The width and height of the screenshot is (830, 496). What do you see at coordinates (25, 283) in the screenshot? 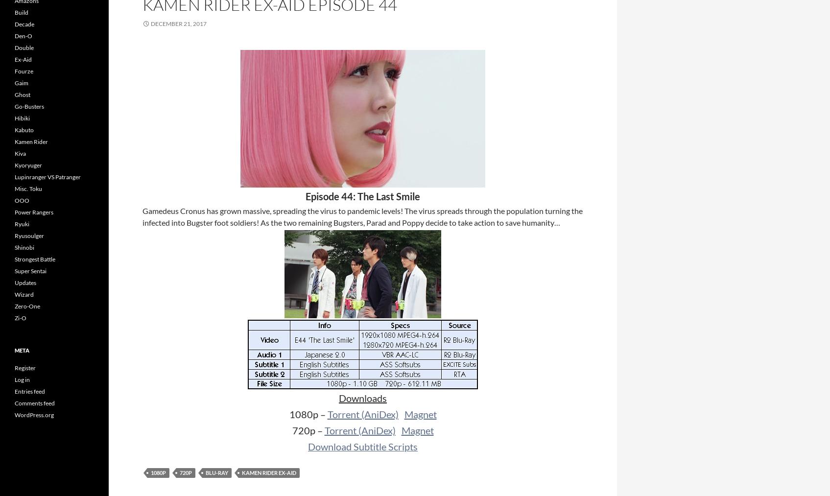
I see `'Updates'` at bounding box center [25, 283].